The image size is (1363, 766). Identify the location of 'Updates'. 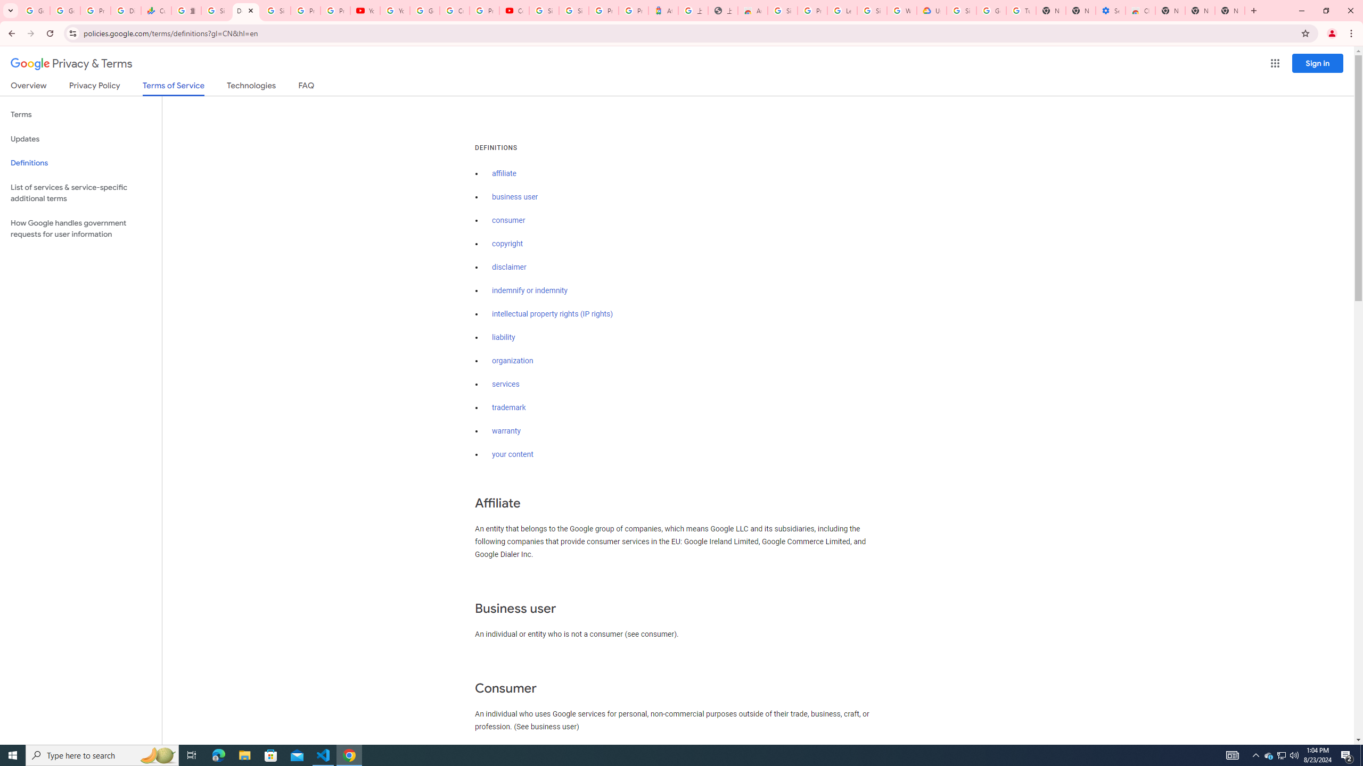
(80, 138).